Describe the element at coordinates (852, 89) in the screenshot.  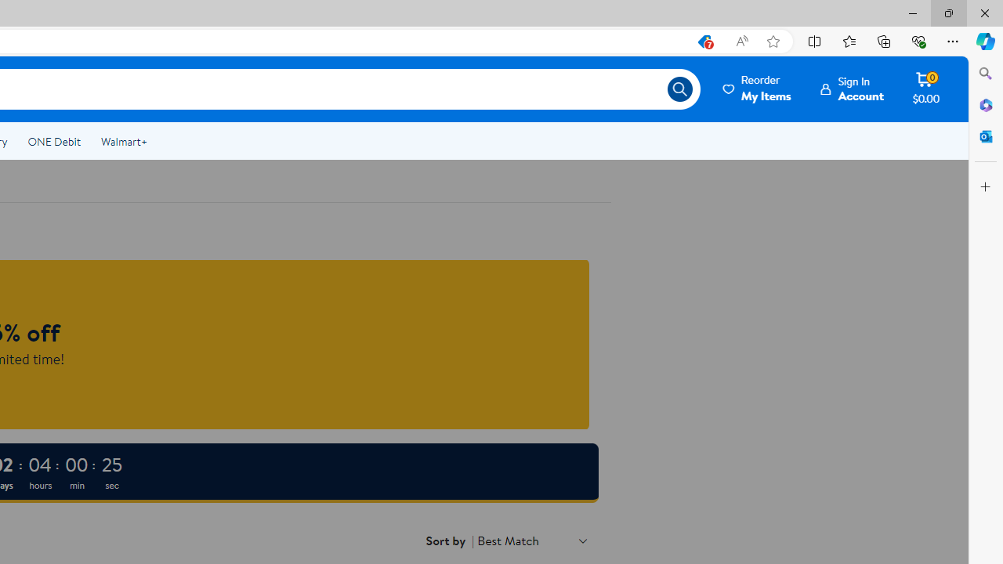
I see `'Sign In Account'` at that location.